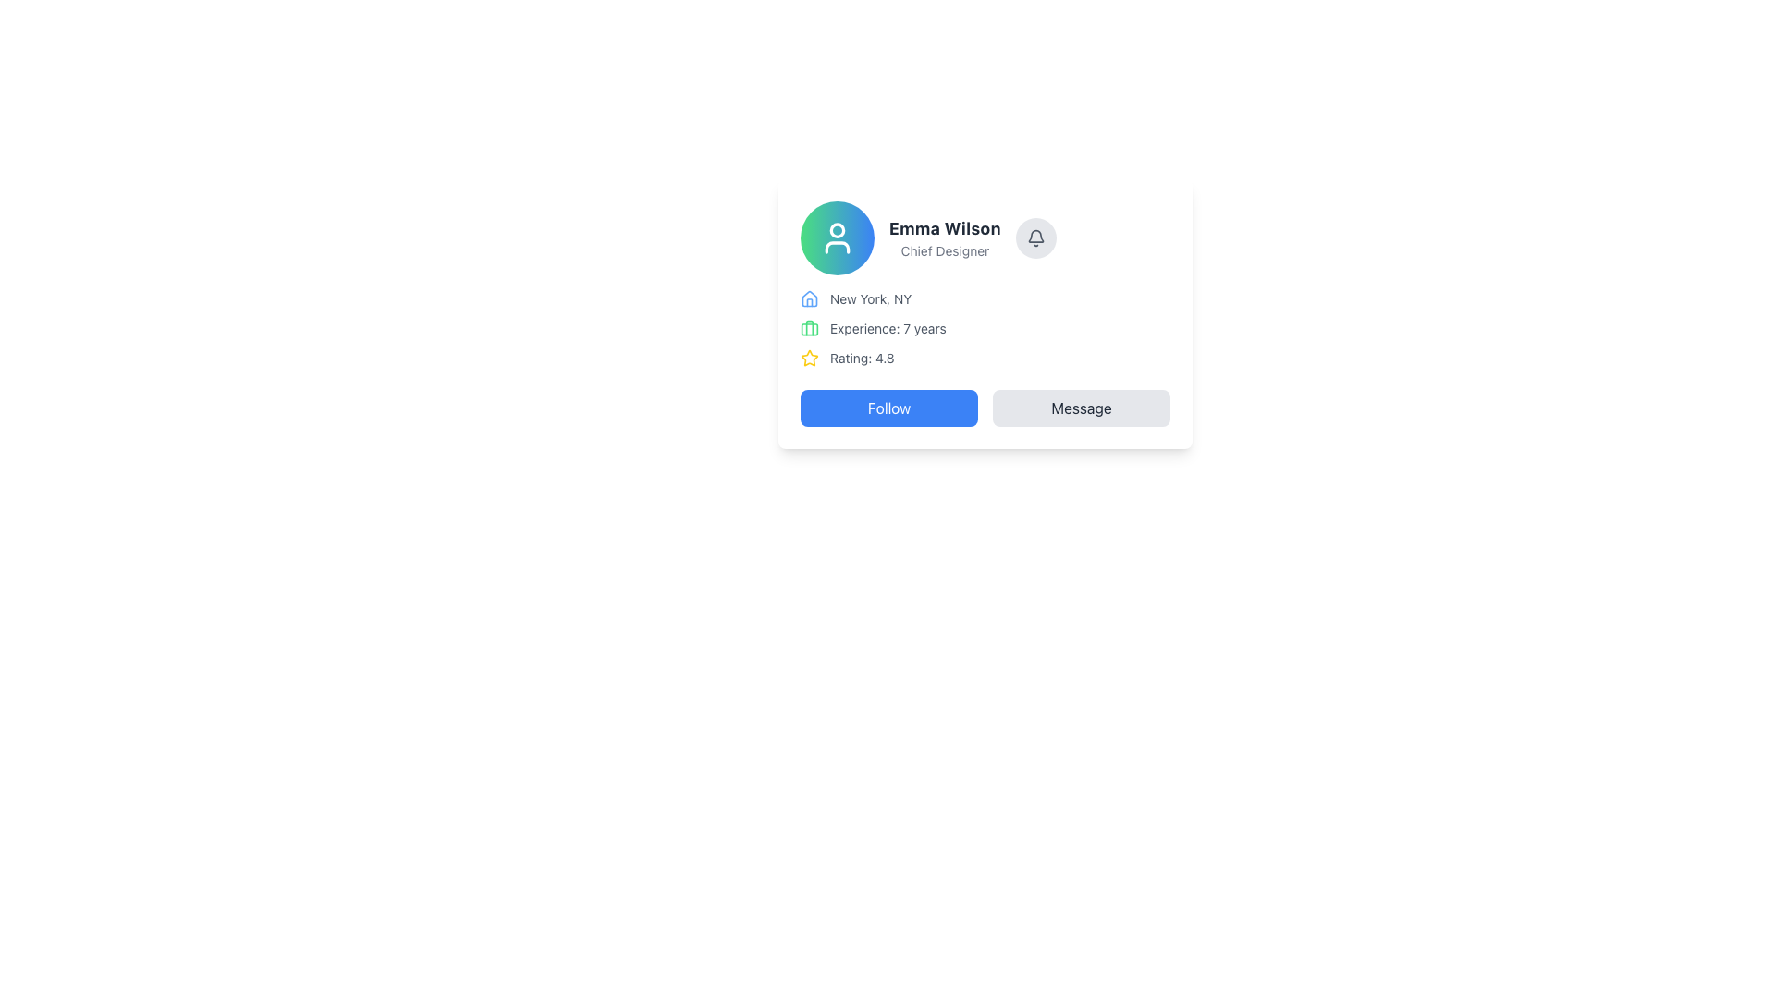 This screenshot has height=998, width=1775. Describe the element at coordinates (809, 298) in the screenshot. I see `the Decorative Icon located beside the text 'New York, NY' in the user card, which visually indicates a home or location association` at that location.